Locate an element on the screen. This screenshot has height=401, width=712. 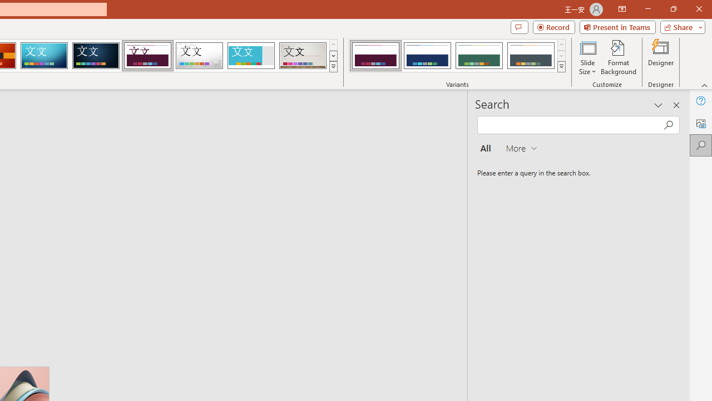
'Variants' is located at coordinates (561, 67).